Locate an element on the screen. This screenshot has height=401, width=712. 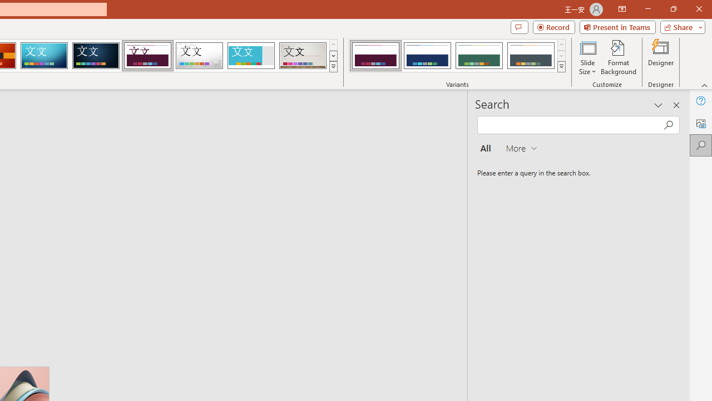
'Variants' is located at coordinates (561, 67).